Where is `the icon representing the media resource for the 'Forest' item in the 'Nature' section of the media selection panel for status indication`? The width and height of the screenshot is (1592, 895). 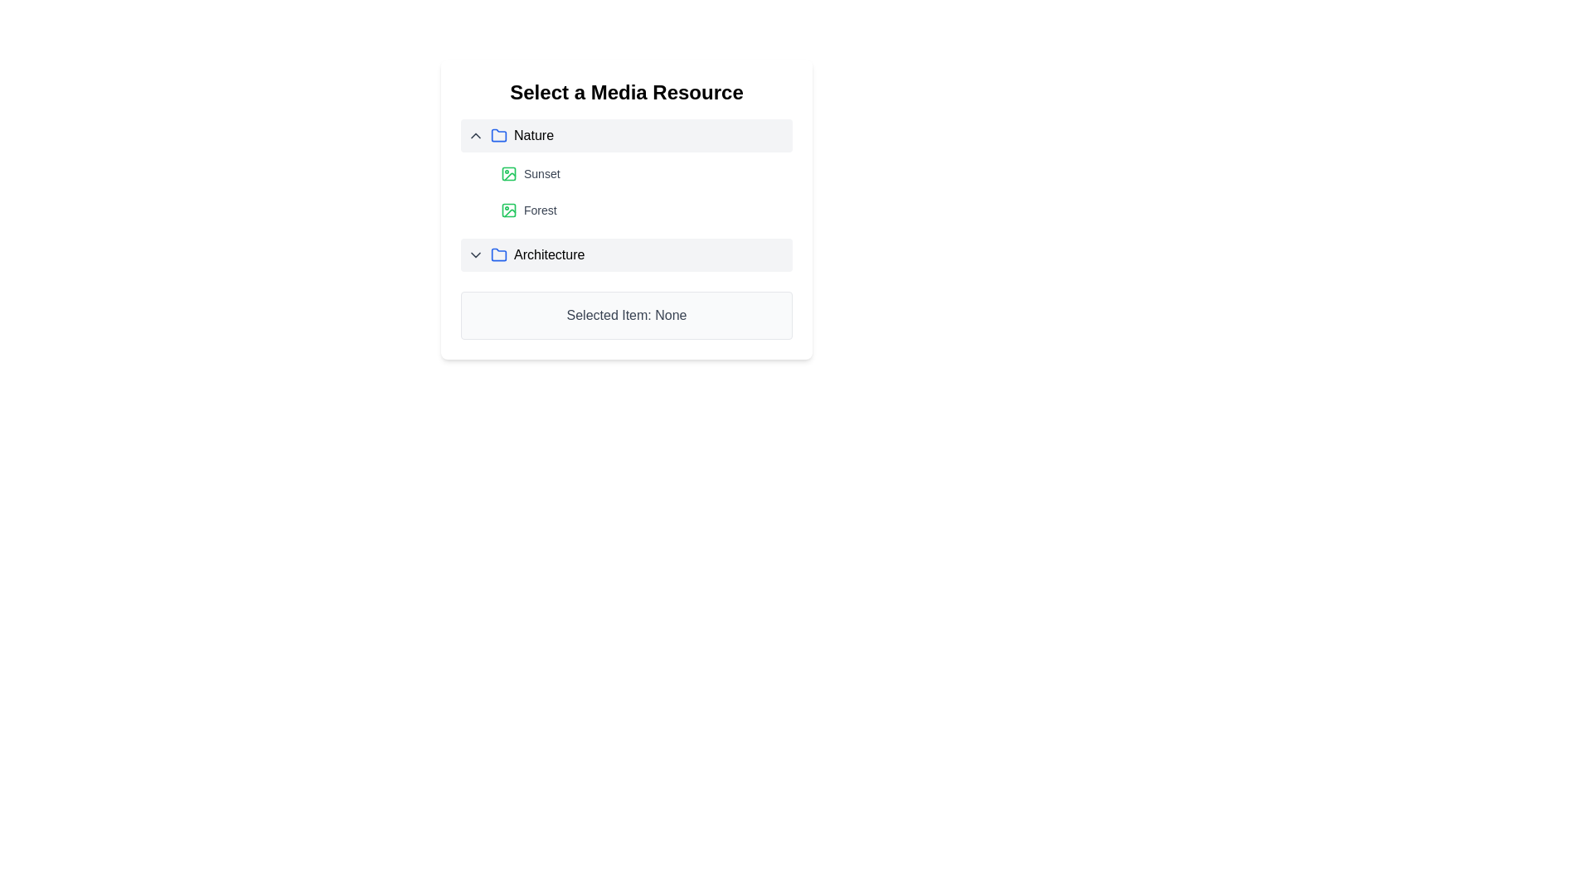
the icon representing the media resource for the 'Forest' item in the 'Nature' section of the media selection panel for status indication is located at coordinates (508, 210).